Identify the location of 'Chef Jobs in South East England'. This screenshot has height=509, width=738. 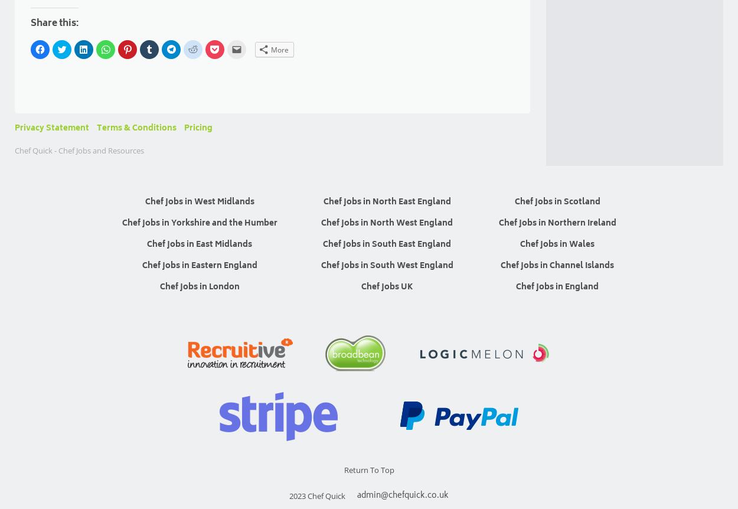
(387, 244).